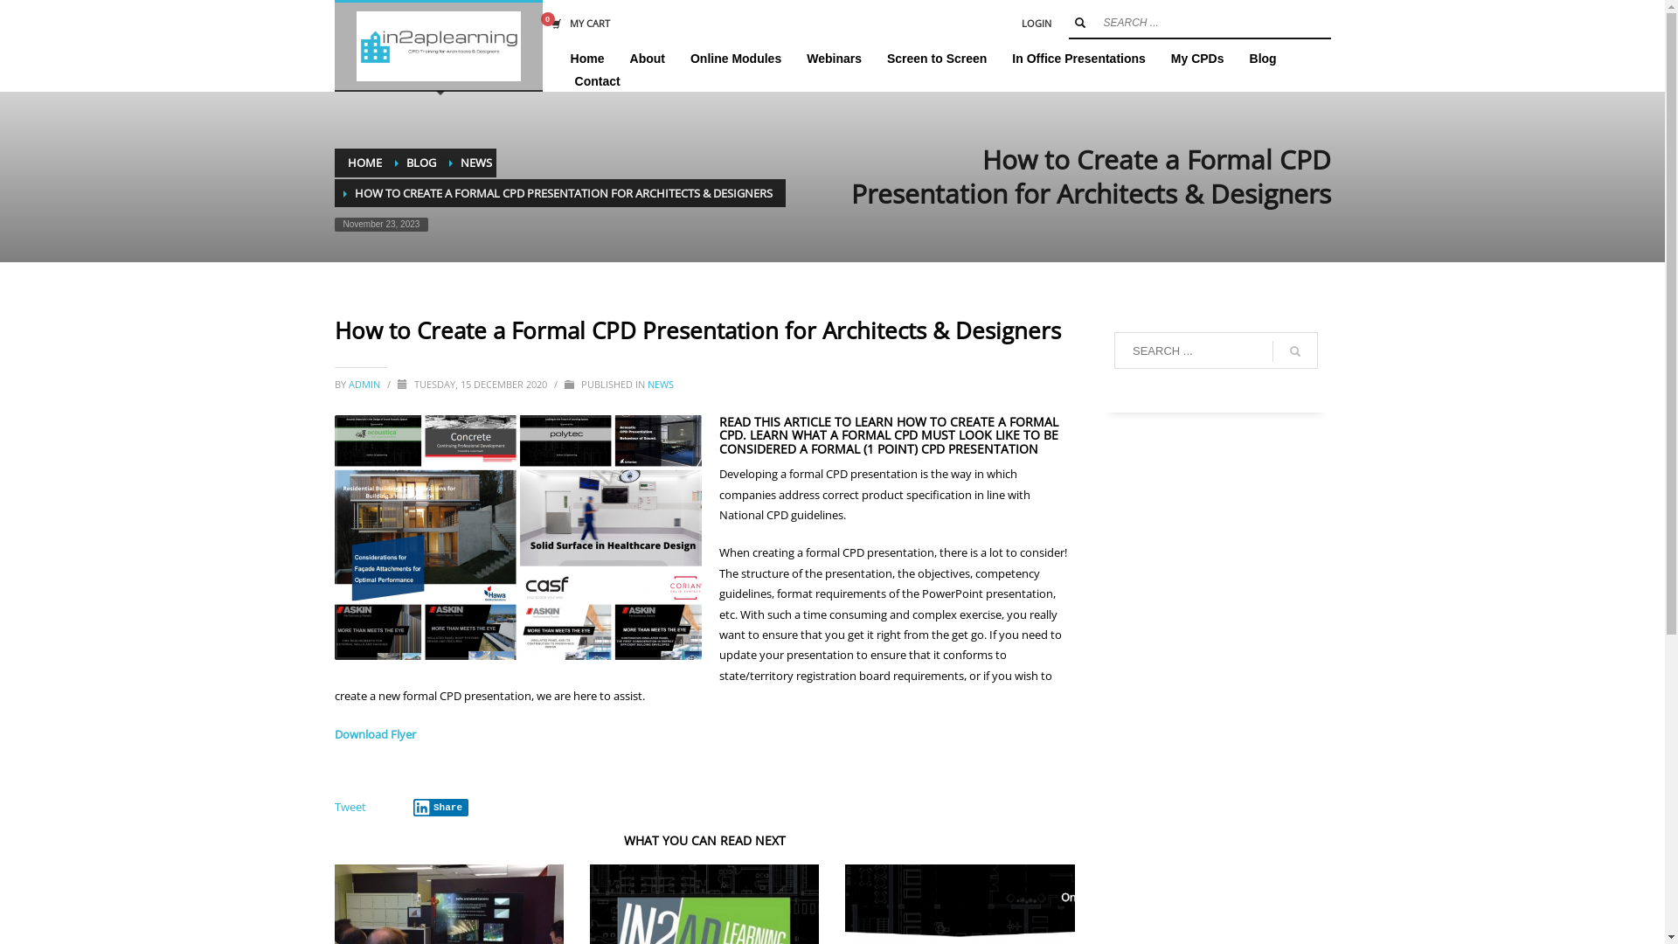  Describe the element at coordinates (364, 383) in the screenshot. I see `'ADMIN'` at that location.